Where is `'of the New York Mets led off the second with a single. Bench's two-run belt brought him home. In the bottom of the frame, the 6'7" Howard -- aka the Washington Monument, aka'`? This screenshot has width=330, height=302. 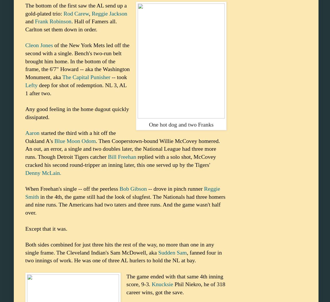 'of the New York Mets led off the second with a single. Bench's two-run belt brought him home. In the bottom of the frame, the 6'7" Howard -- aka the Washington Monument, aka' is located at coordinates (25, 61).